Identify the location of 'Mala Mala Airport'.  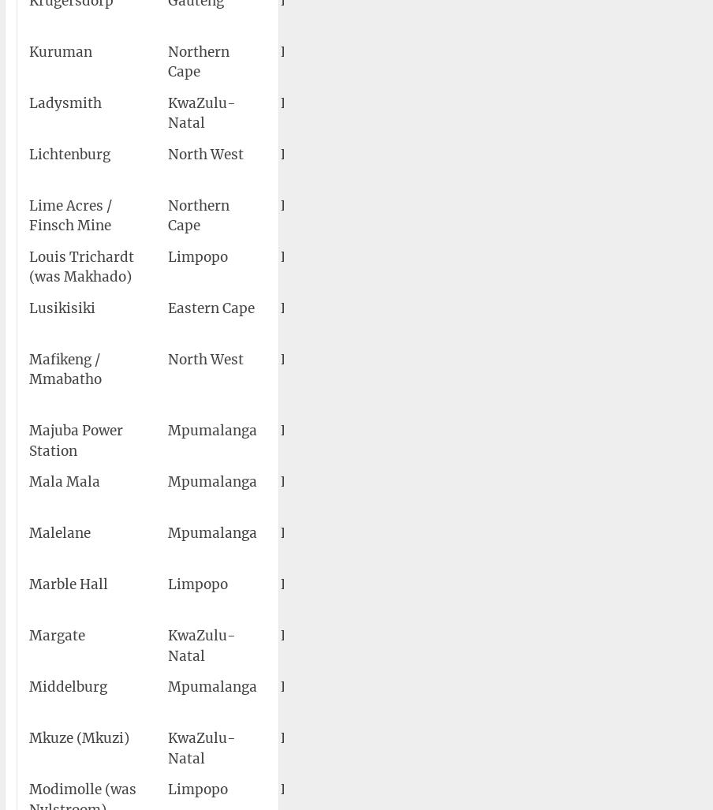
(443, 491).